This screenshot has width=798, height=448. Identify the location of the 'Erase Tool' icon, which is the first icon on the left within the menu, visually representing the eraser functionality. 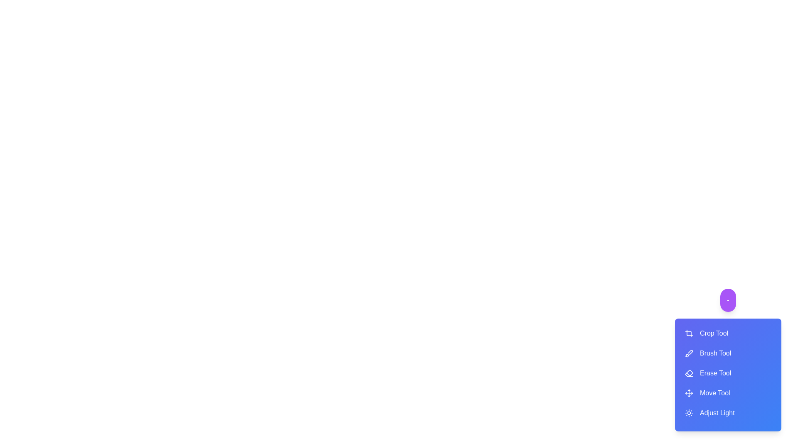
(689, 373).